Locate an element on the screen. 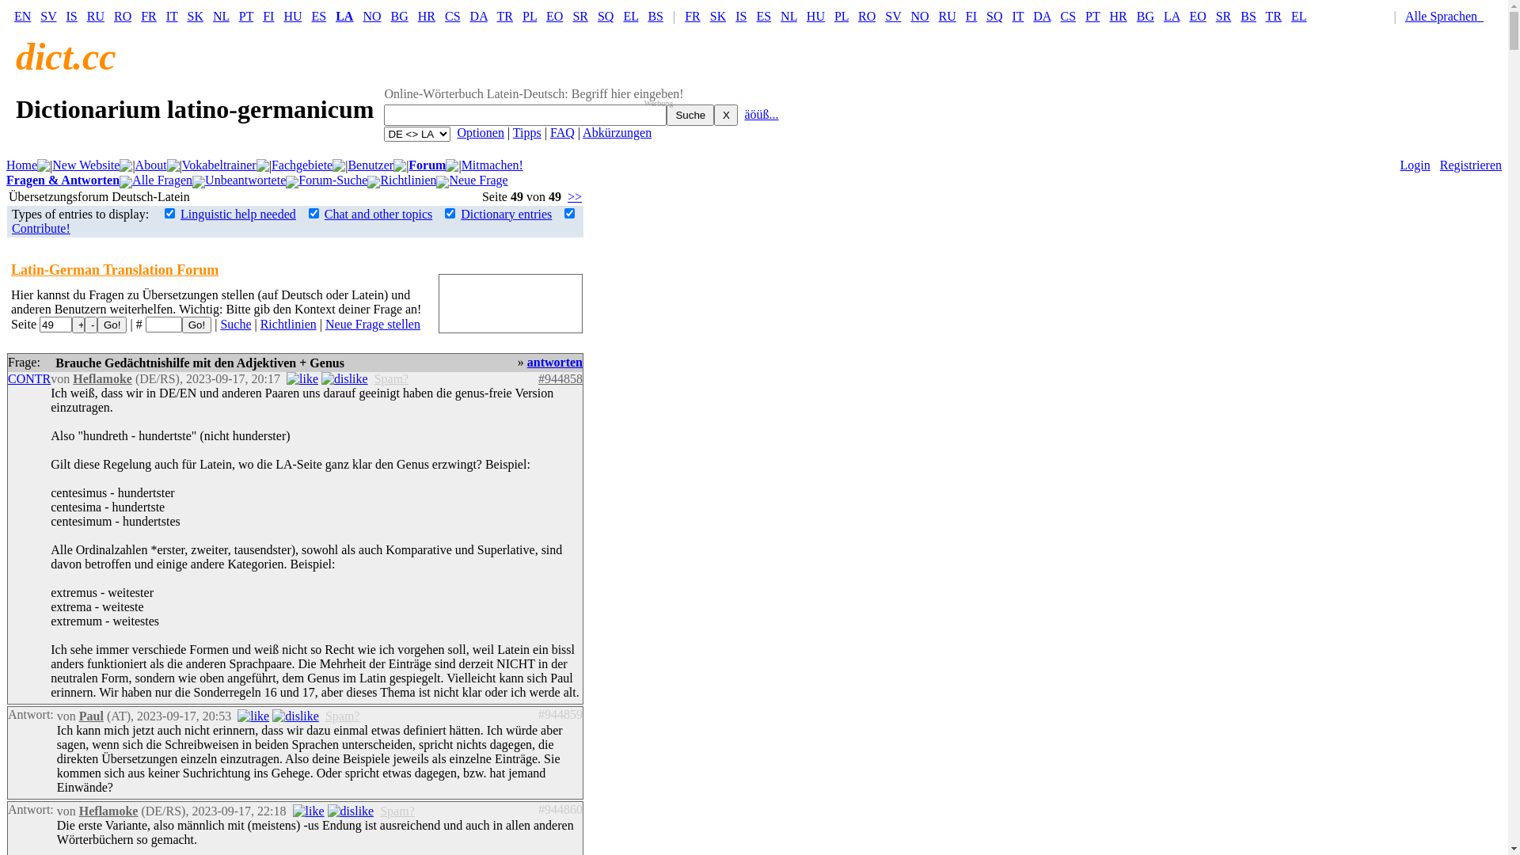 This screenshot has height=855, width=1520. 'PT' is located at coordinates (238, 16).